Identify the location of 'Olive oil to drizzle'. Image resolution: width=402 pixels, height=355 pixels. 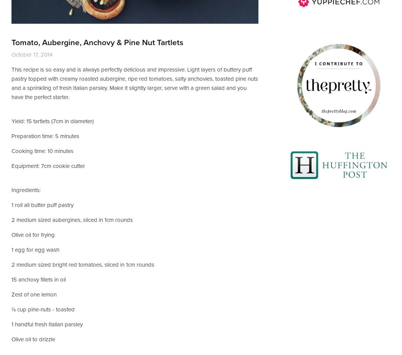
(11, 339).